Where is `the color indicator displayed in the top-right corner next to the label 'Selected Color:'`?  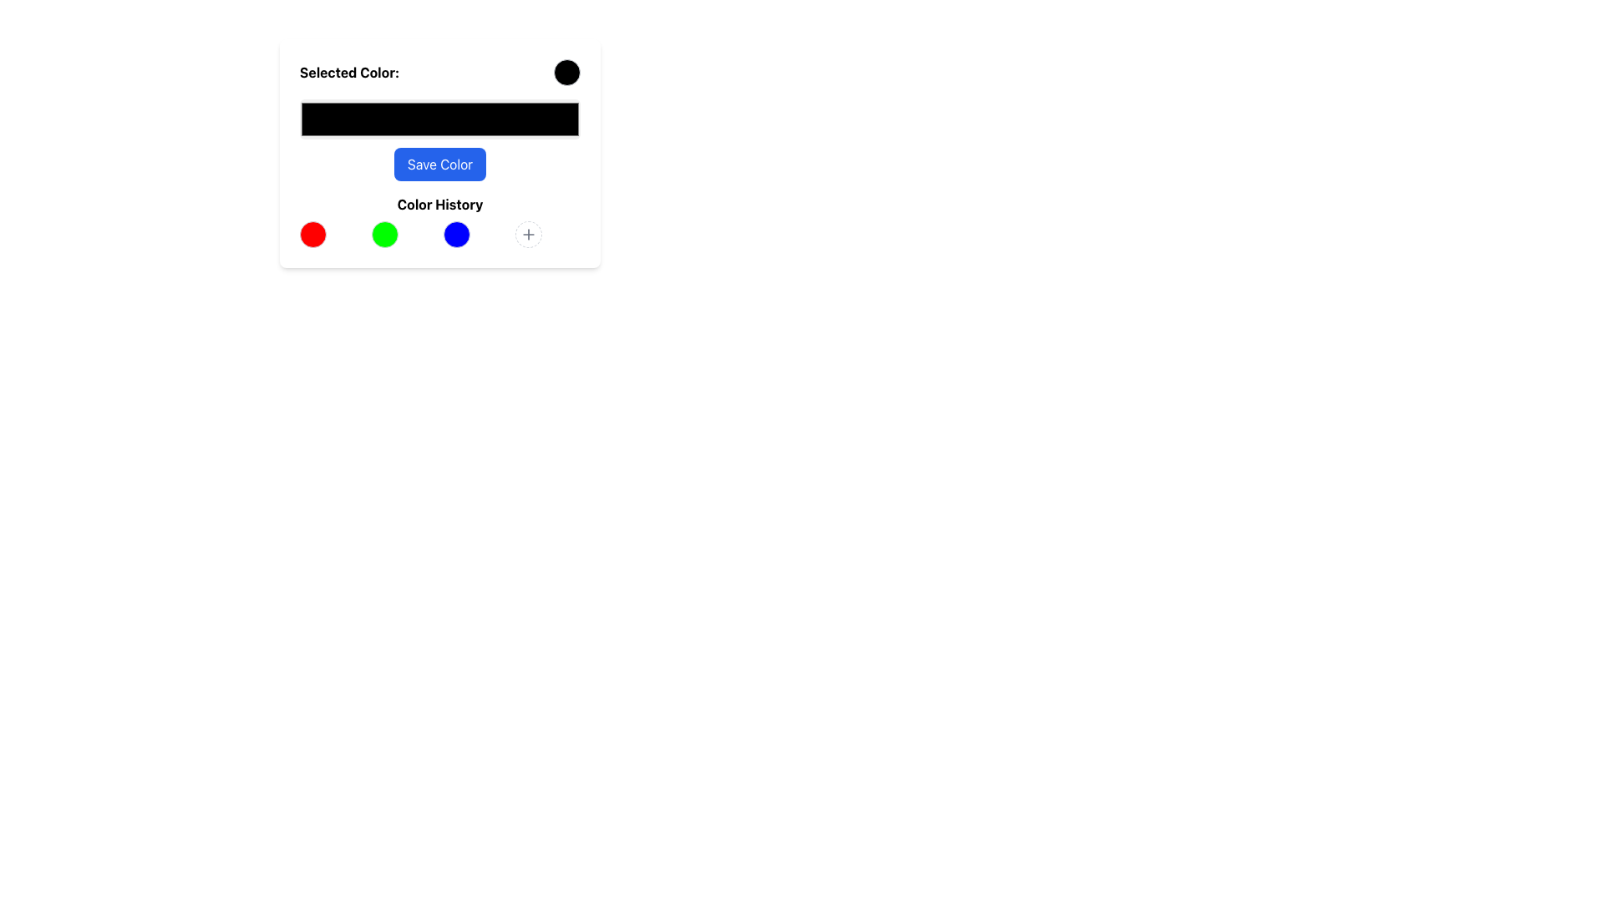 the color indicator displayed in the top-right corner next to the label 'Selected Color:' is located at coordinates (566, 72).